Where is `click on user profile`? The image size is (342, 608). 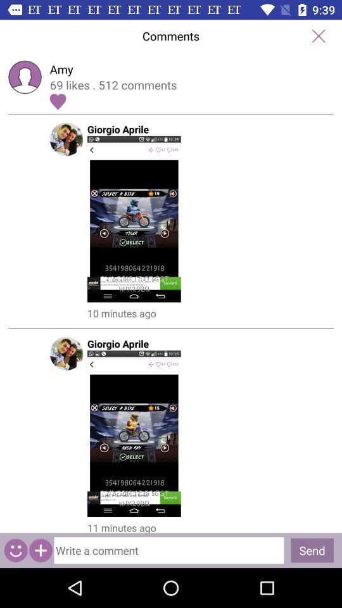
click on user profile is located at coordinates (170, 219).